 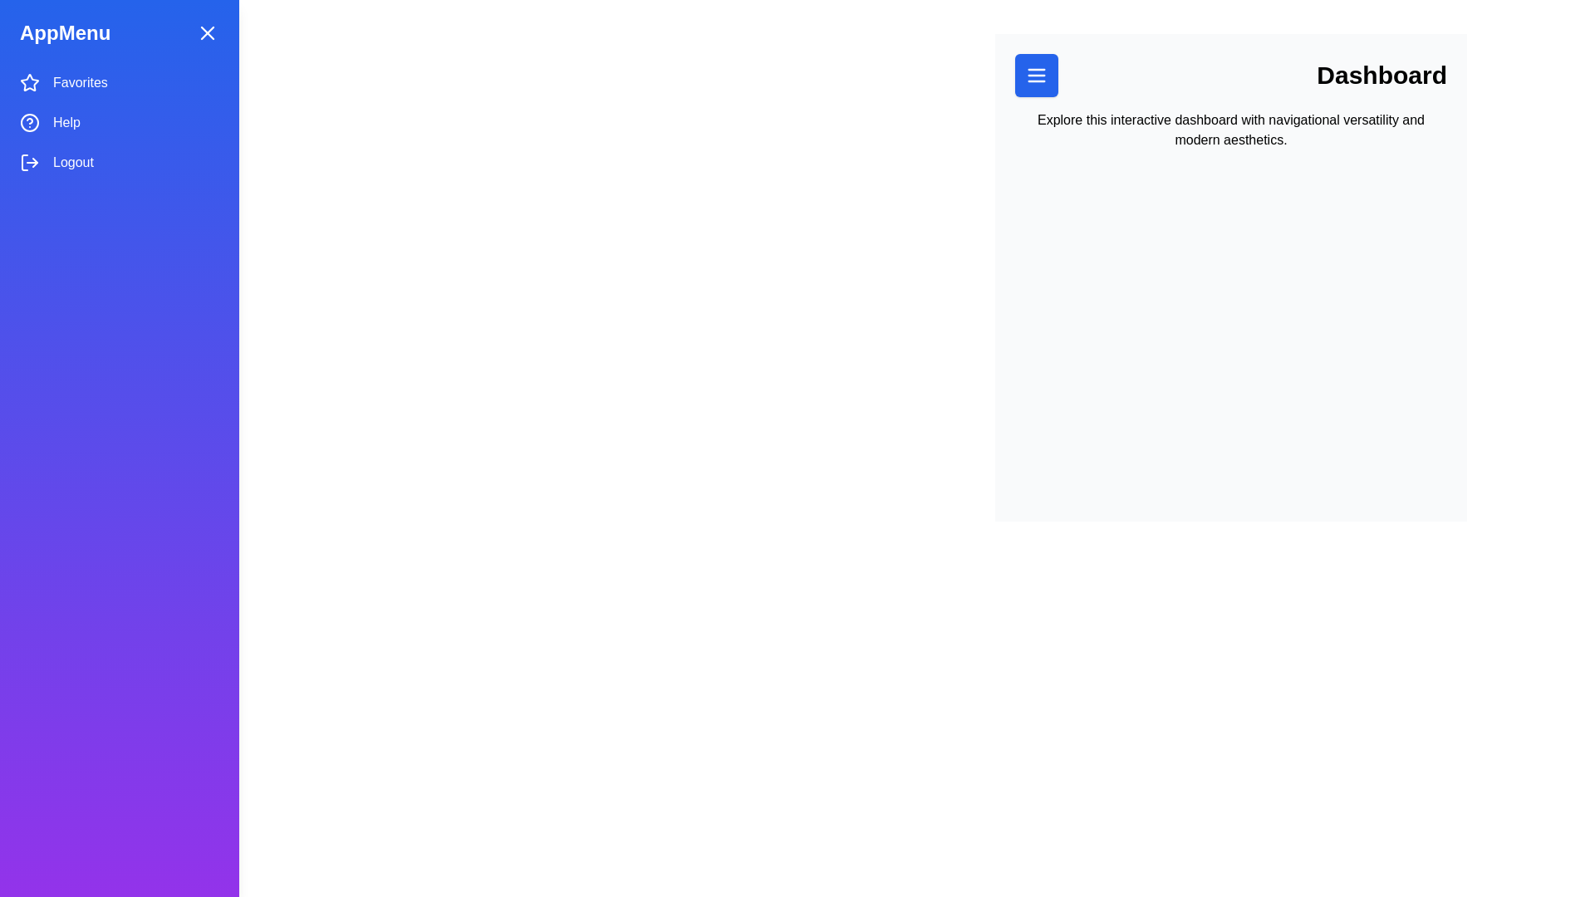 I want to click on textual label for the help features located in the AppMenu, positioned below 'Favorites' and above 'Logout', to gain context about its functionality, so click(x=66, y=121).